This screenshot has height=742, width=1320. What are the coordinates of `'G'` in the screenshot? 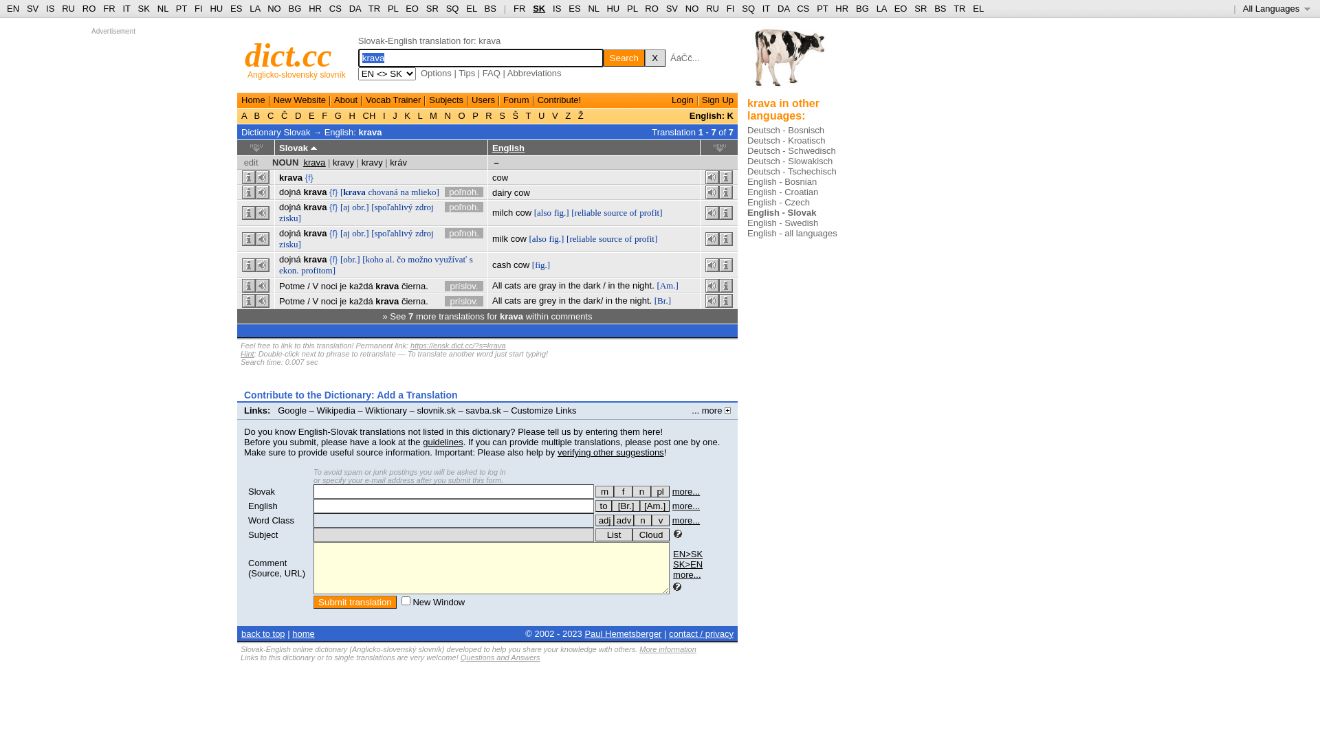 It's located at (338, 115).